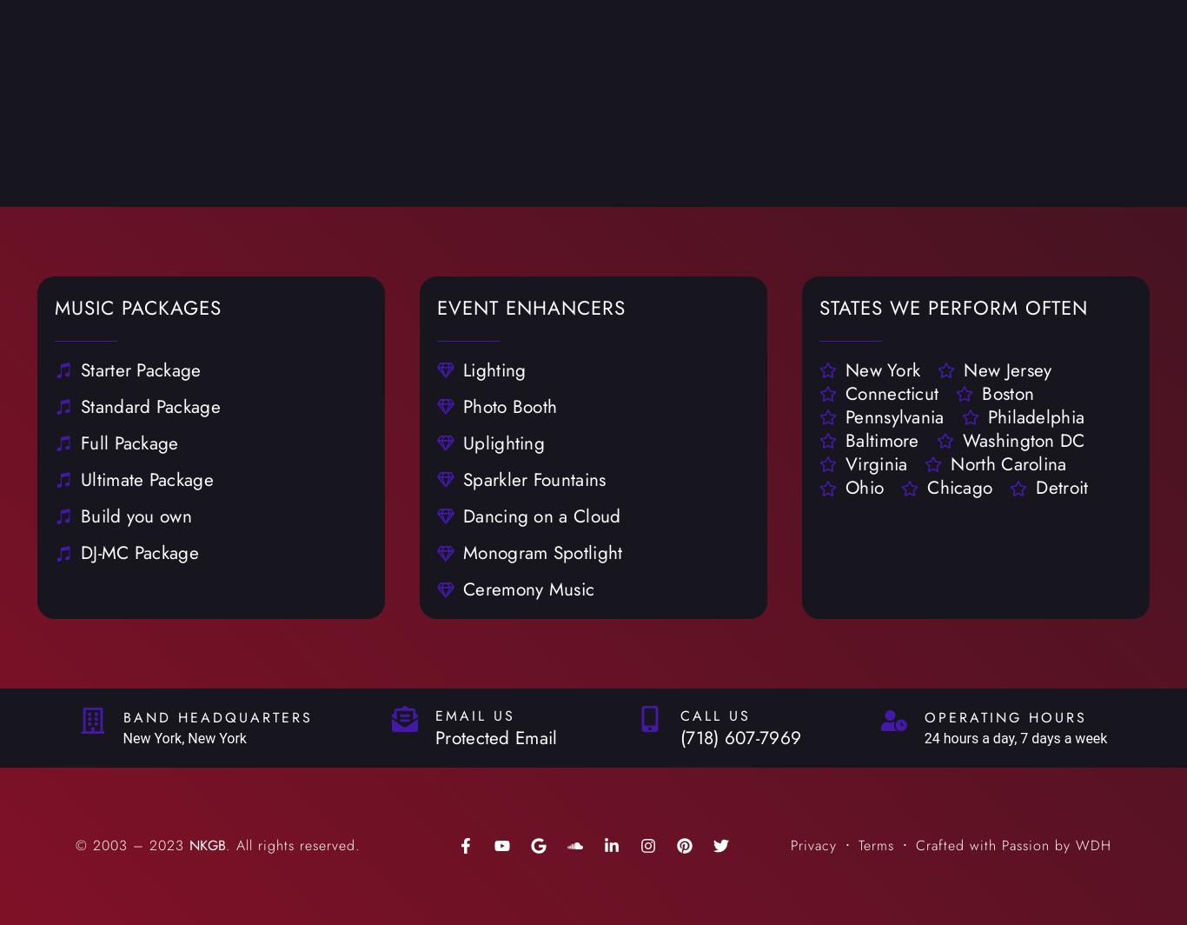 The width and height of the screenshot is (1187, 925). What do you see at coordinates (923, 737) in the screenshot?
I see `'24 hours a day, 7 days a week'` at bounding box center [923, 737].